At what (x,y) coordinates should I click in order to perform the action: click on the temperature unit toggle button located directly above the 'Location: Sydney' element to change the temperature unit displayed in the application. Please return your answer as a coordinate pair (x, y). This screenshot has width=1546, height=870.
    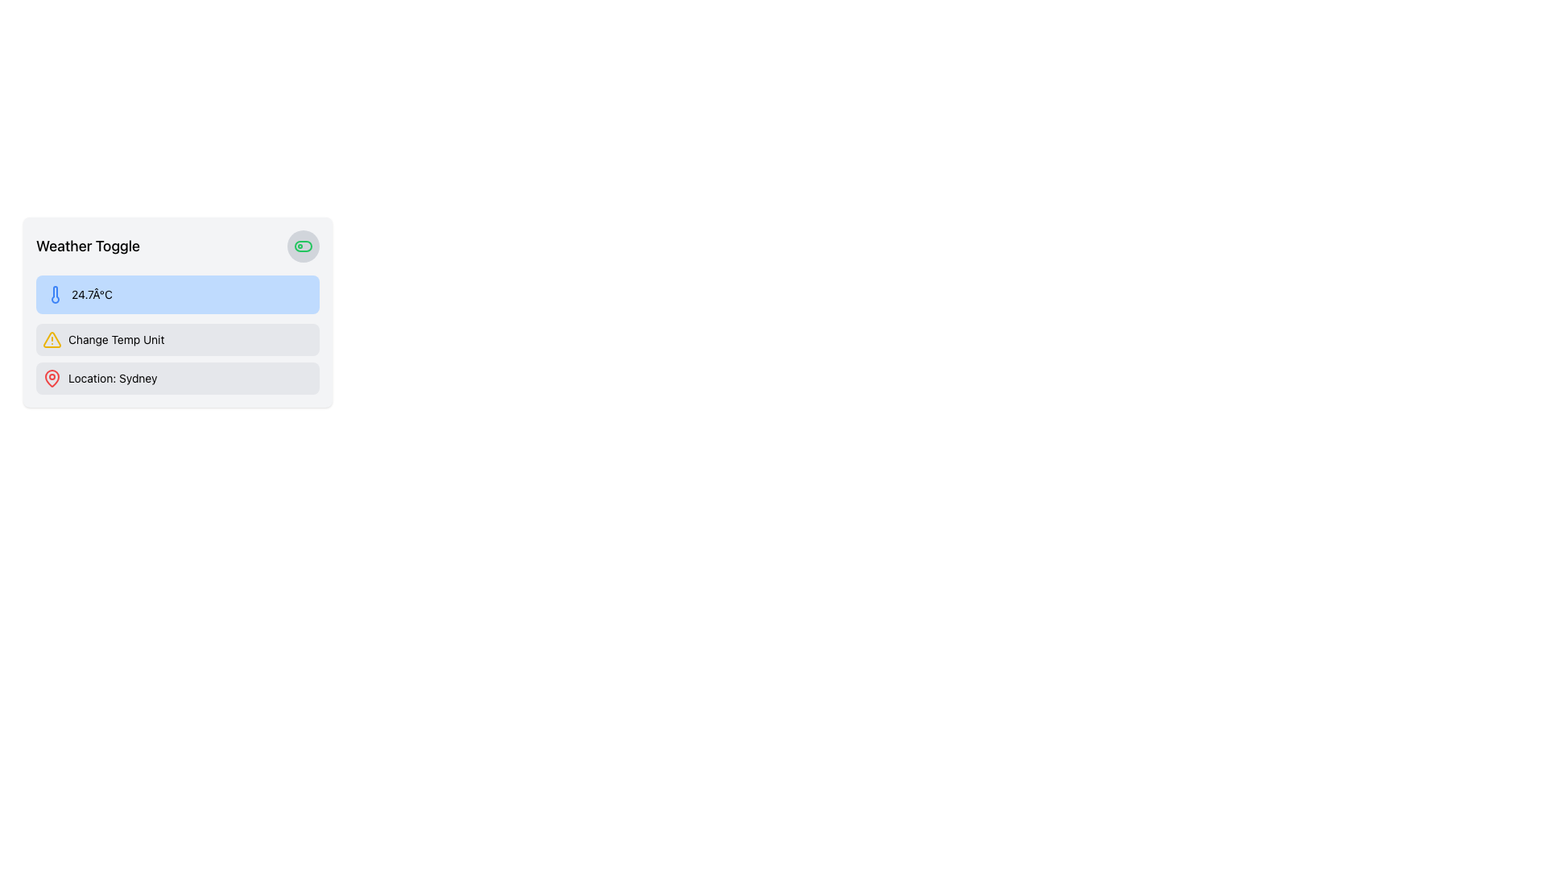
    Looking at the image, I should click on (177, 338).